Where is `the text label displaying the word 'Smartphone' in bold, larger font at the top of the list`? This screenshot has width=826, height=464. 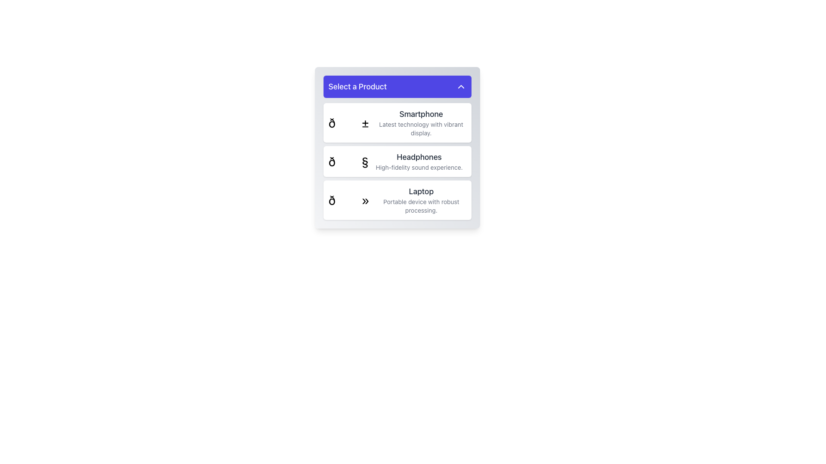
the text label displaying the word 'Smartphone' in bold, larger font at the top of the list is located at coordinates (421, 114).